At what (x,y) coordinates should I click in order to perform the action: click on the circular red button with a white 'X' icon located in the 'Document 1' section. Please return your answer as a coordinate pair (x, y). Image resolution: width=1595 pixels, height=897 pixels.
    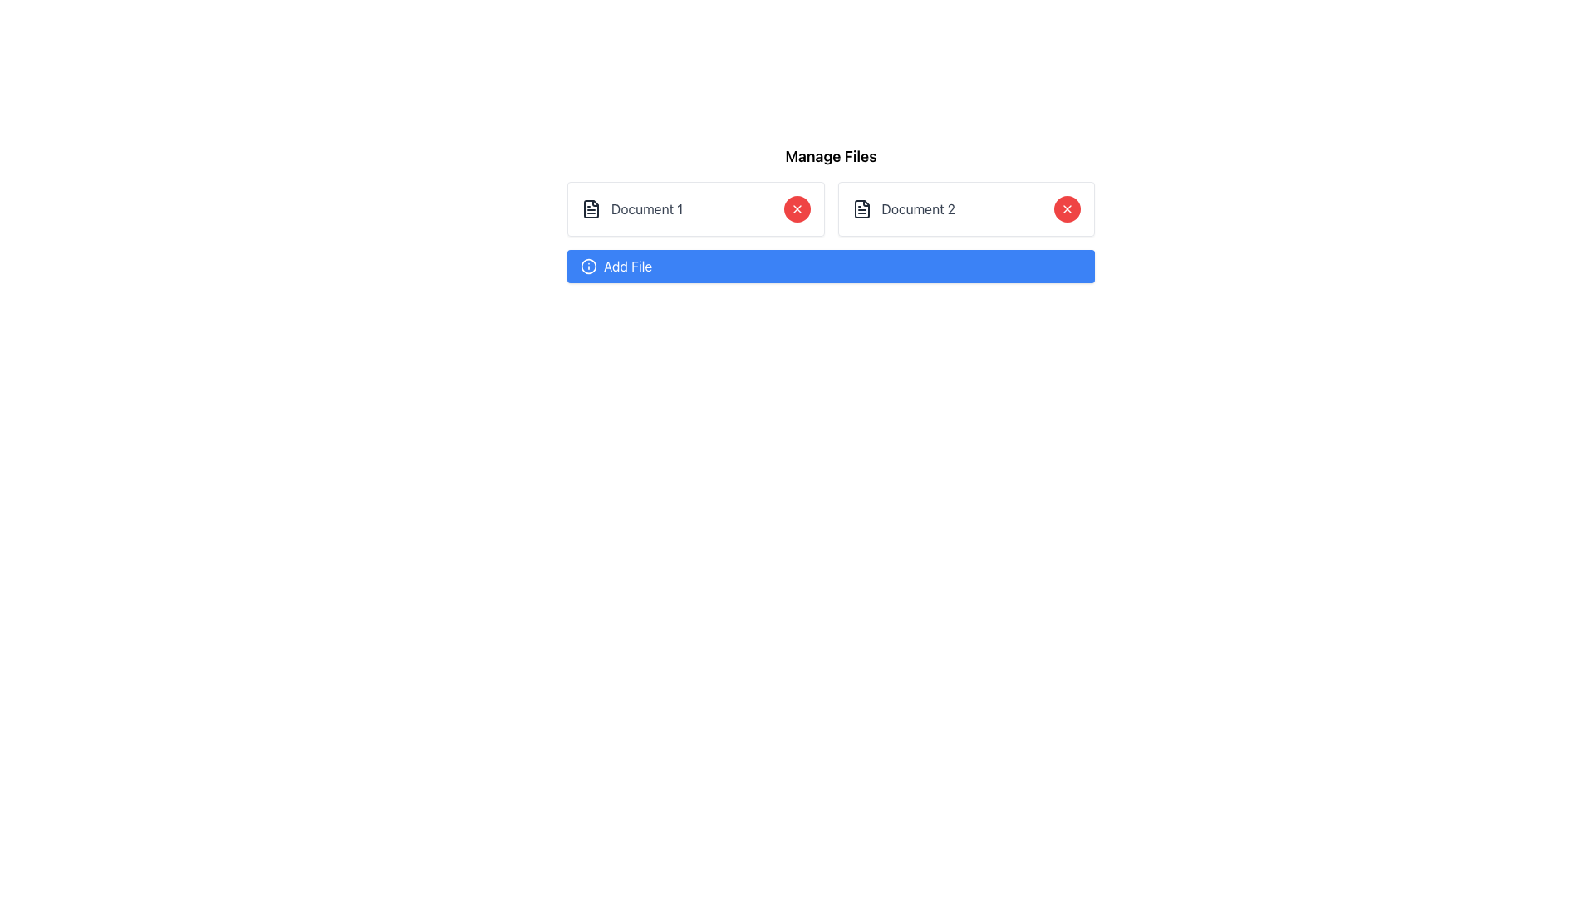
    Looking at the image, I should click on (796, 208).